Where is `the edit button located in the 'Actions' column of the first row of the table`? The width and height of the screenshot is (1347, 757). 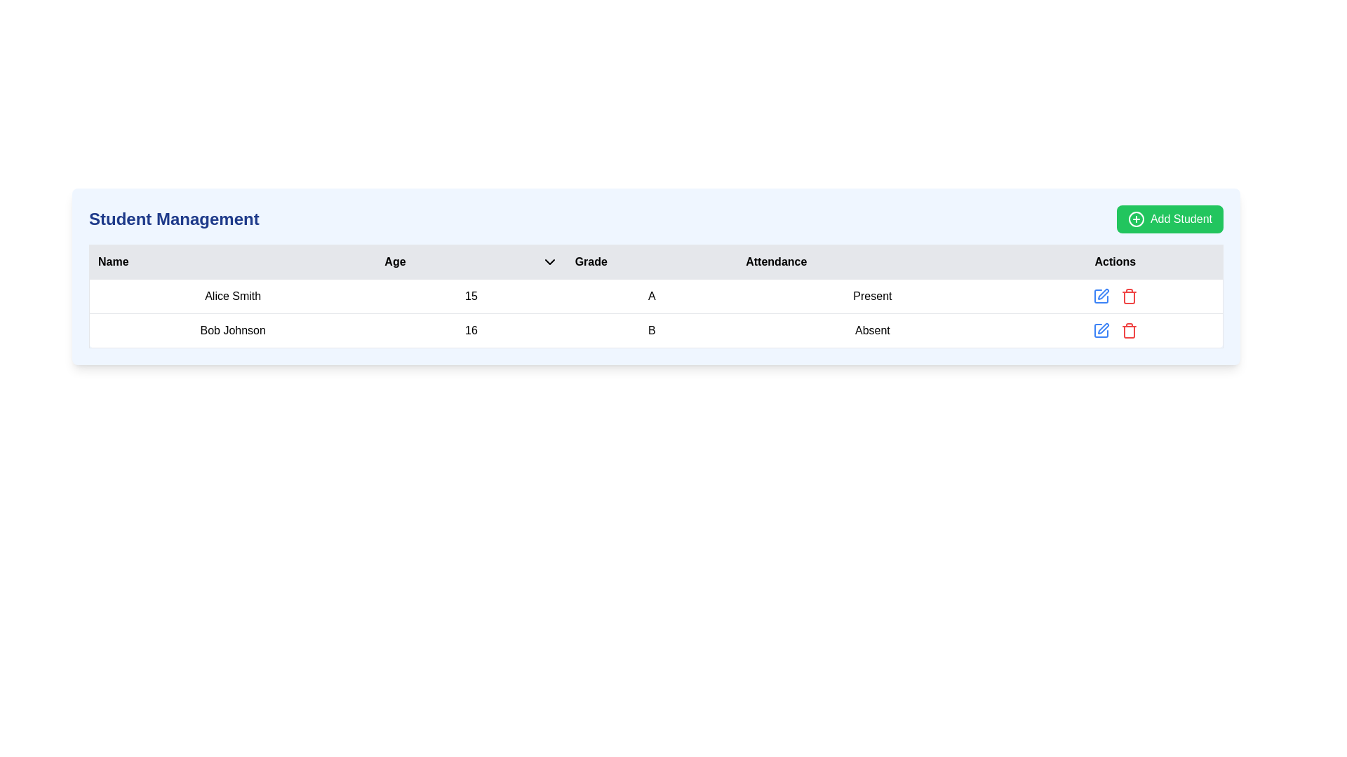
the edit button located in the 'Actions' column of the first row of the table is located at coordinates (1100, 296).